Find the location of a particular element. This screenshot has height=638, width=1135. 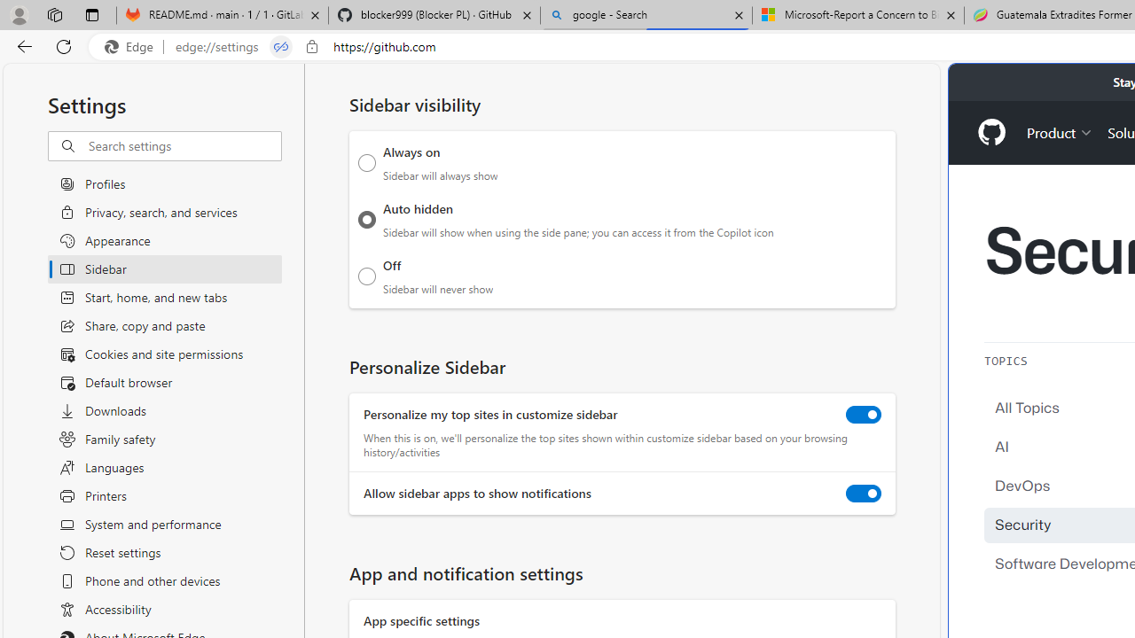

'Allow sidebar apps to show notifications' is located at coordinates (864, 494).